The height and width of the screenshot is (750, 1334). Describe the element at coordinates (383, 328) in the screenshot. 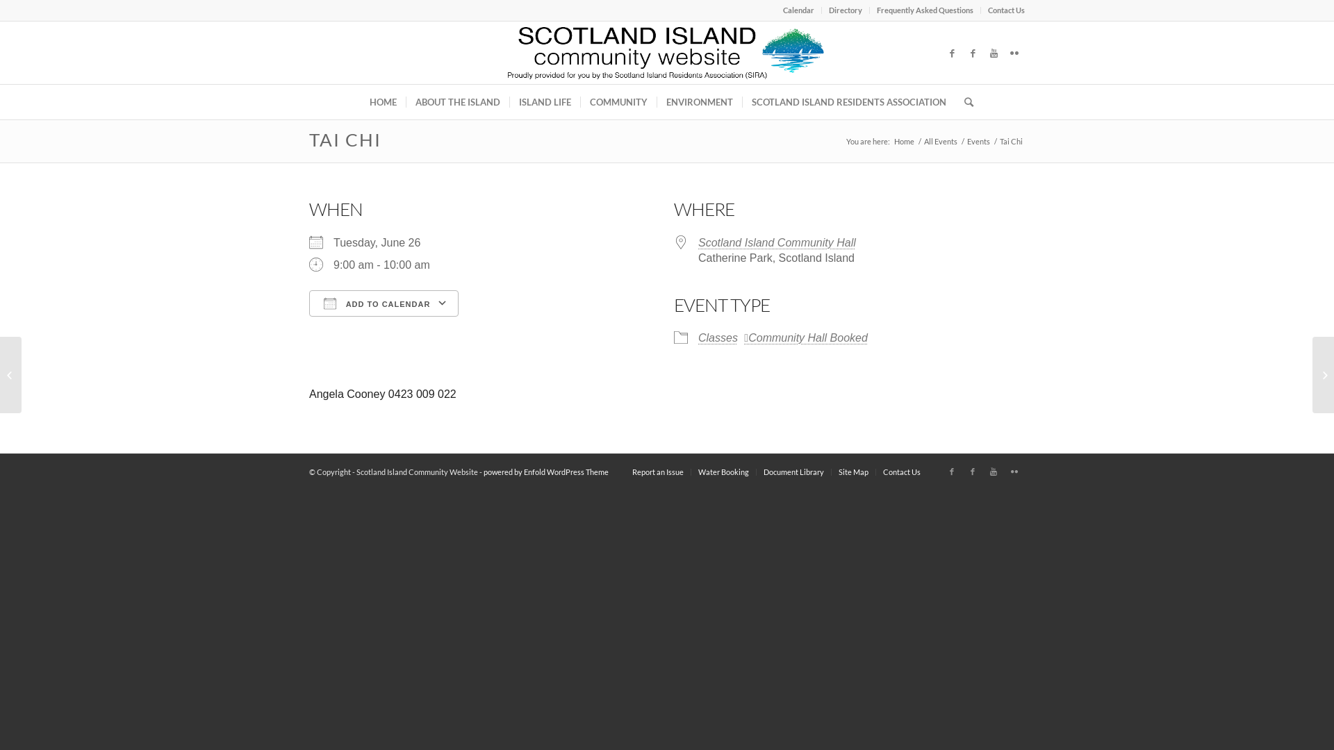

I see `'Download ICS'` at that location.